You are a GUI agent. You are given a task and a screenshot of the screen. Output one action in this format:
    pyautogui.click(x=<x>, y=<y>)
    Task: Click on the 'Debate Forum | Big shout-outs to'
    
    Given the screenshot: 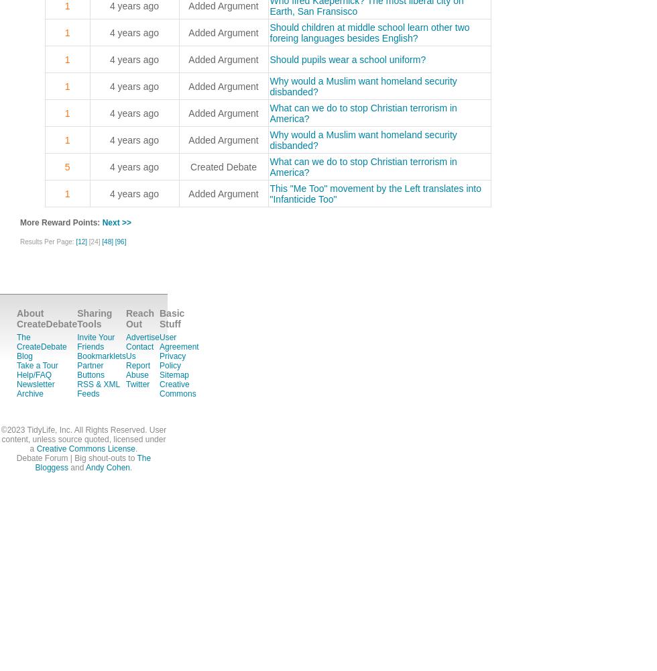 What is the action you would take?
    pyautogui.click(x=16, y=458)
    